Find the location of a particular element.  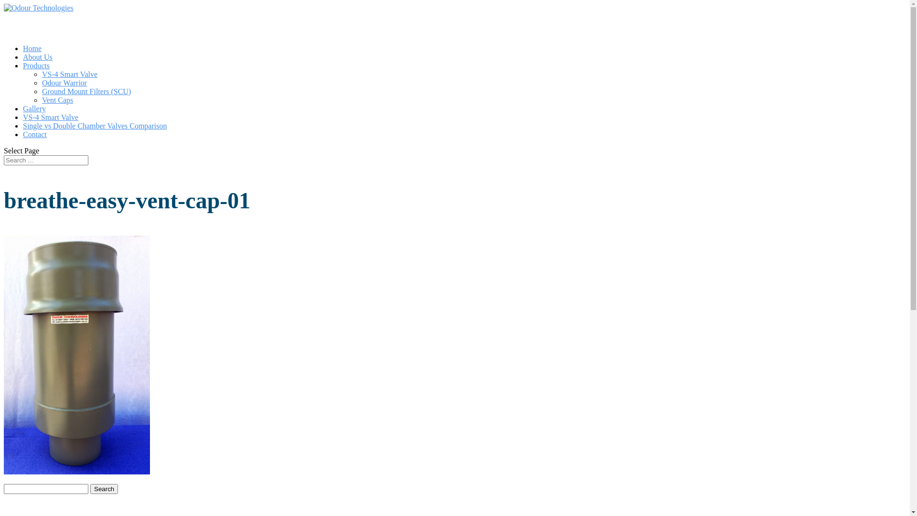

'Ground Mount Filters (SCU)' is located at coordinates (41, 91).